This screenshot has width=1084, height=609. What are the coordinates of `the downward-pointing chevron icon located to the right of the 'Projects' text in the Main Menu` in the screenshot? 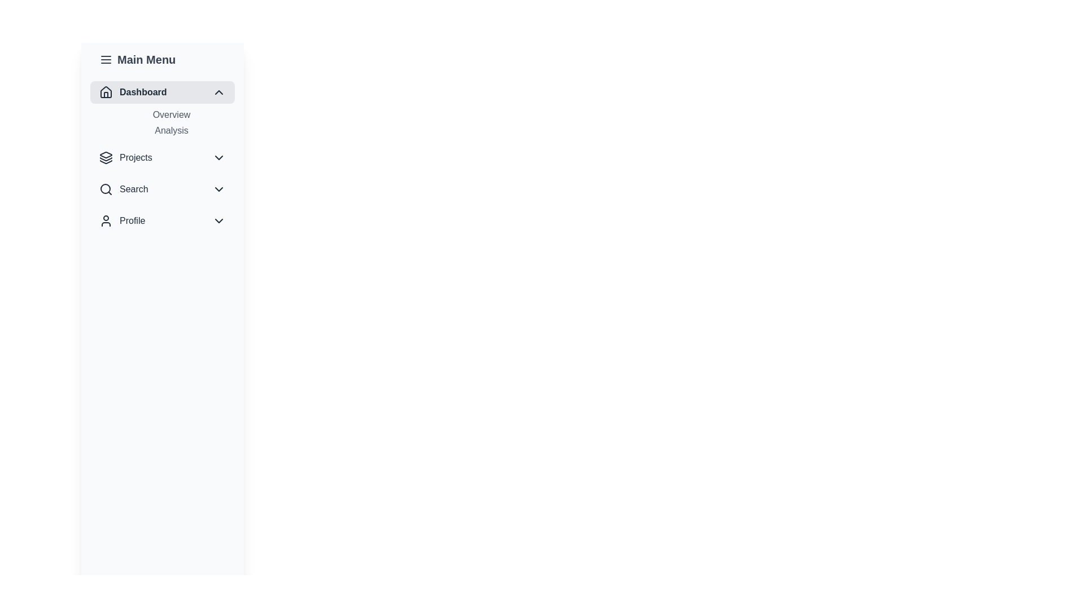 It's located at (219, 158).